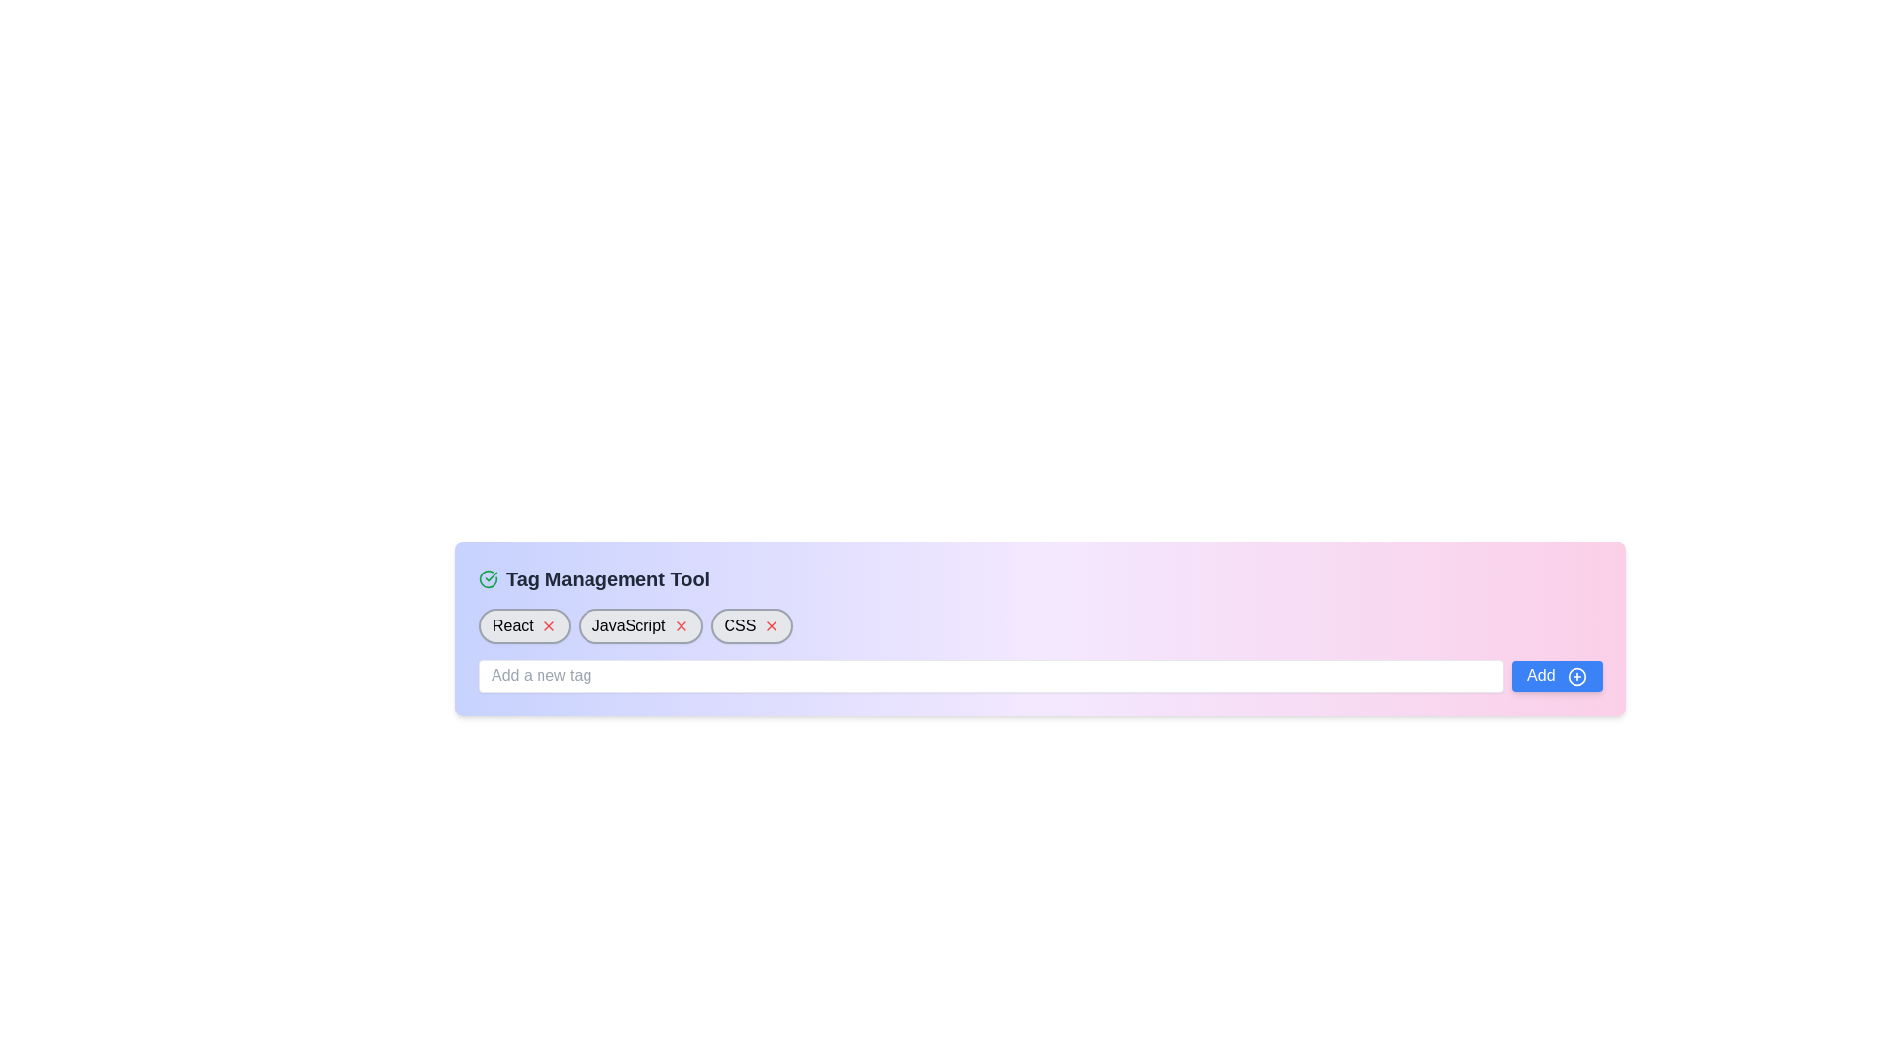 This screenshot has height=1057, width=1880. Describe the element at coordinates (771, 626) in the screenshot. I see `the small red 'X' icon located to the right of the 'CSS' tag in the tag management interface to observe the color change` at that location.